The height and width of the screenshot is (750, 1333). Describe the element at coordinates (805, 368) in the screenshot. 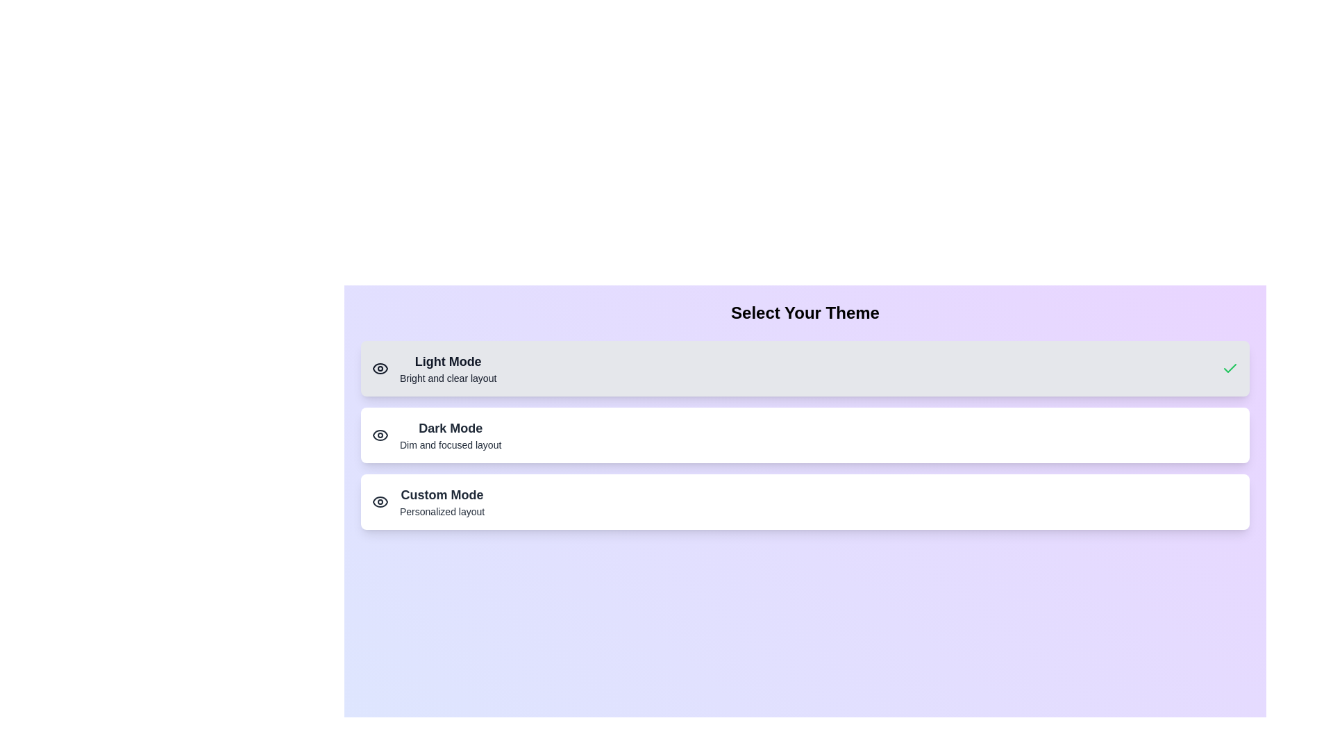

I see `the theme button corresponding to Light Mode` at that location.